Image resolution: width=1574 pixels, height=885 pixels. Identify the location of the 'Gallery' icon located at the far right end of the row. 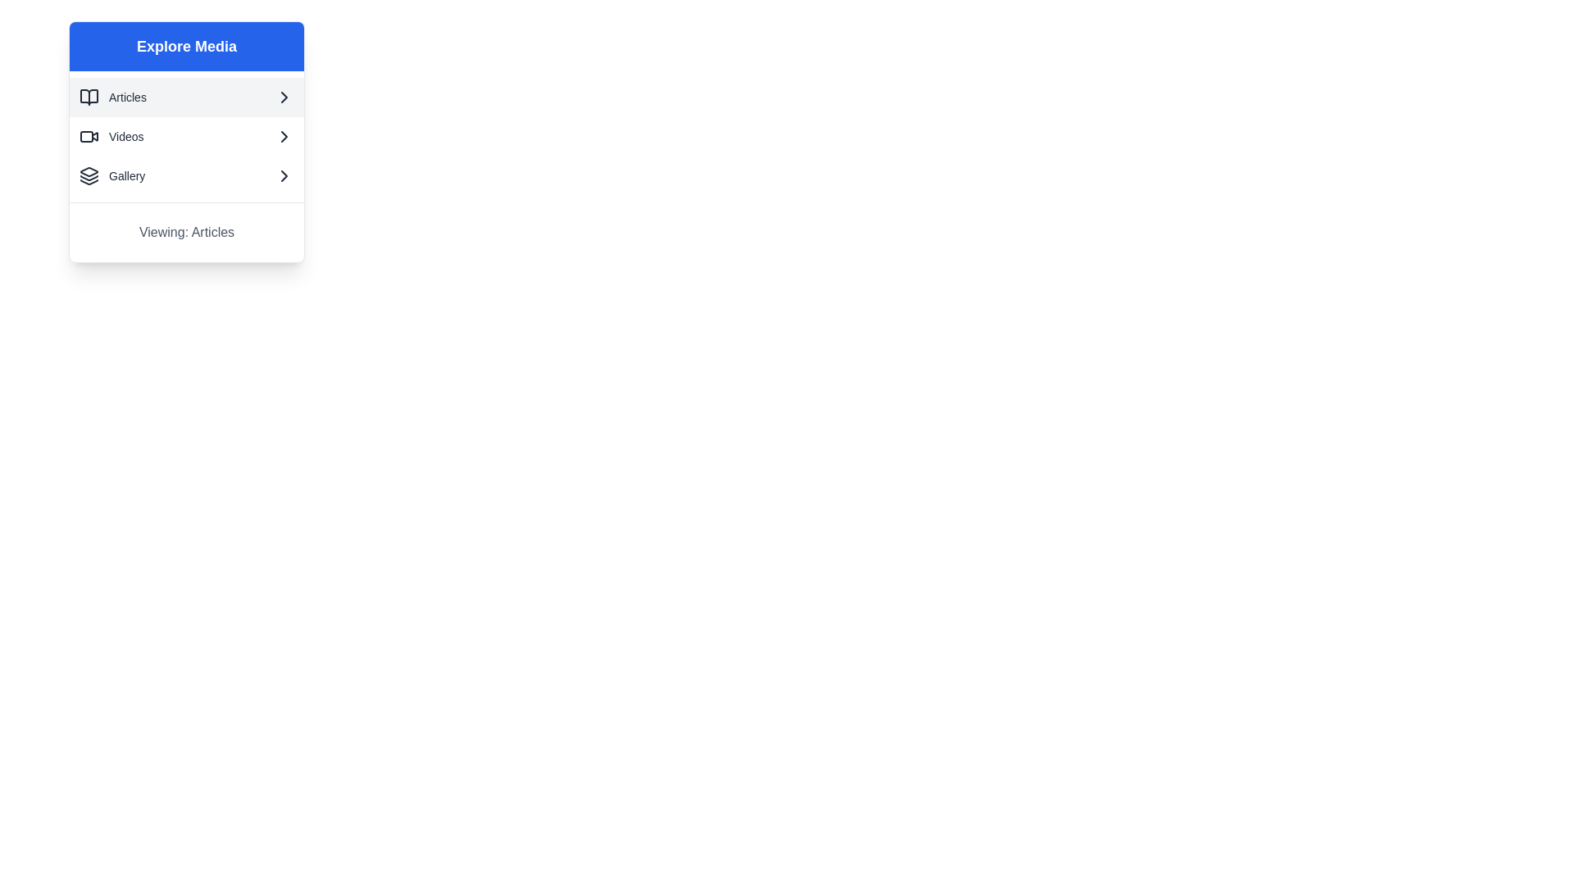
(284, 176).